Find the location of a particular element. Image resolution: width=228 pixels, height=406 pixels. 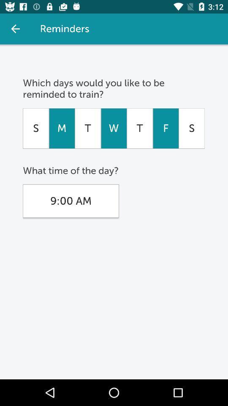

icon next to s icon is located at coordinates (166, 128).